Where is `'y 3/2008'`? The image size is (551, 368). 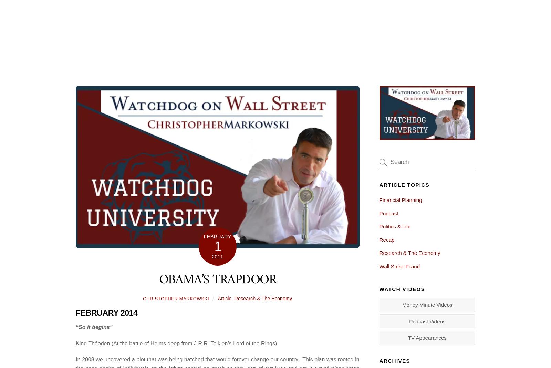 'y 3/2008' is located at coordinates (233, 316).